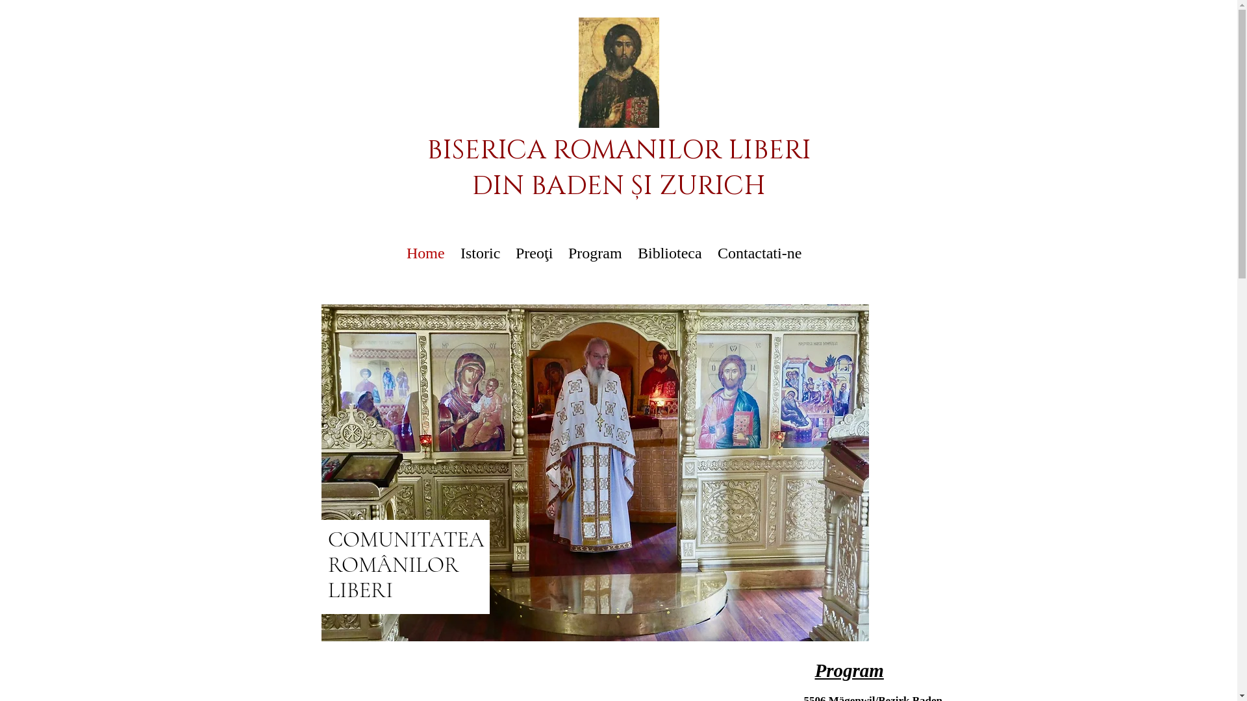 This screenshot has width=1247, height=701. Describe the element at coordinates (722, 149) in the screenshot. I see `'NILOR LIBERI'` at that location.